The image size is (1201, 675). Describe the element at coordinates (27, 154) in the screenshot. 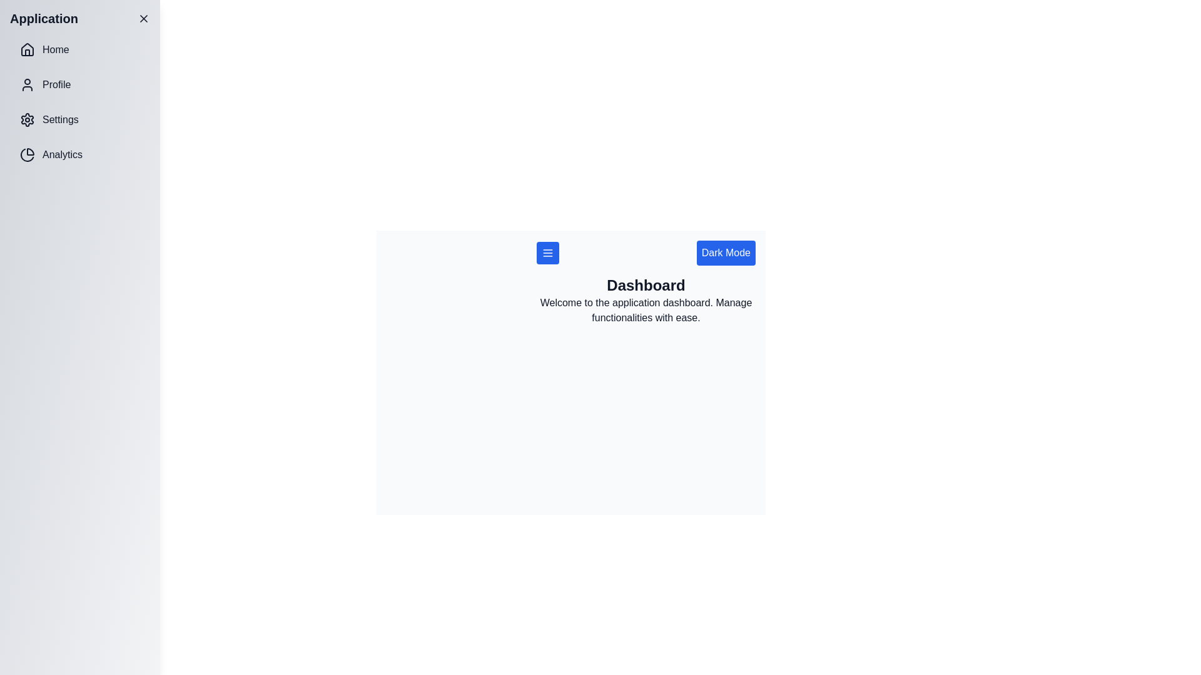

I see `the second pie chart segment icon located in the left sidebar under the 'Analytics' menu` at that location.